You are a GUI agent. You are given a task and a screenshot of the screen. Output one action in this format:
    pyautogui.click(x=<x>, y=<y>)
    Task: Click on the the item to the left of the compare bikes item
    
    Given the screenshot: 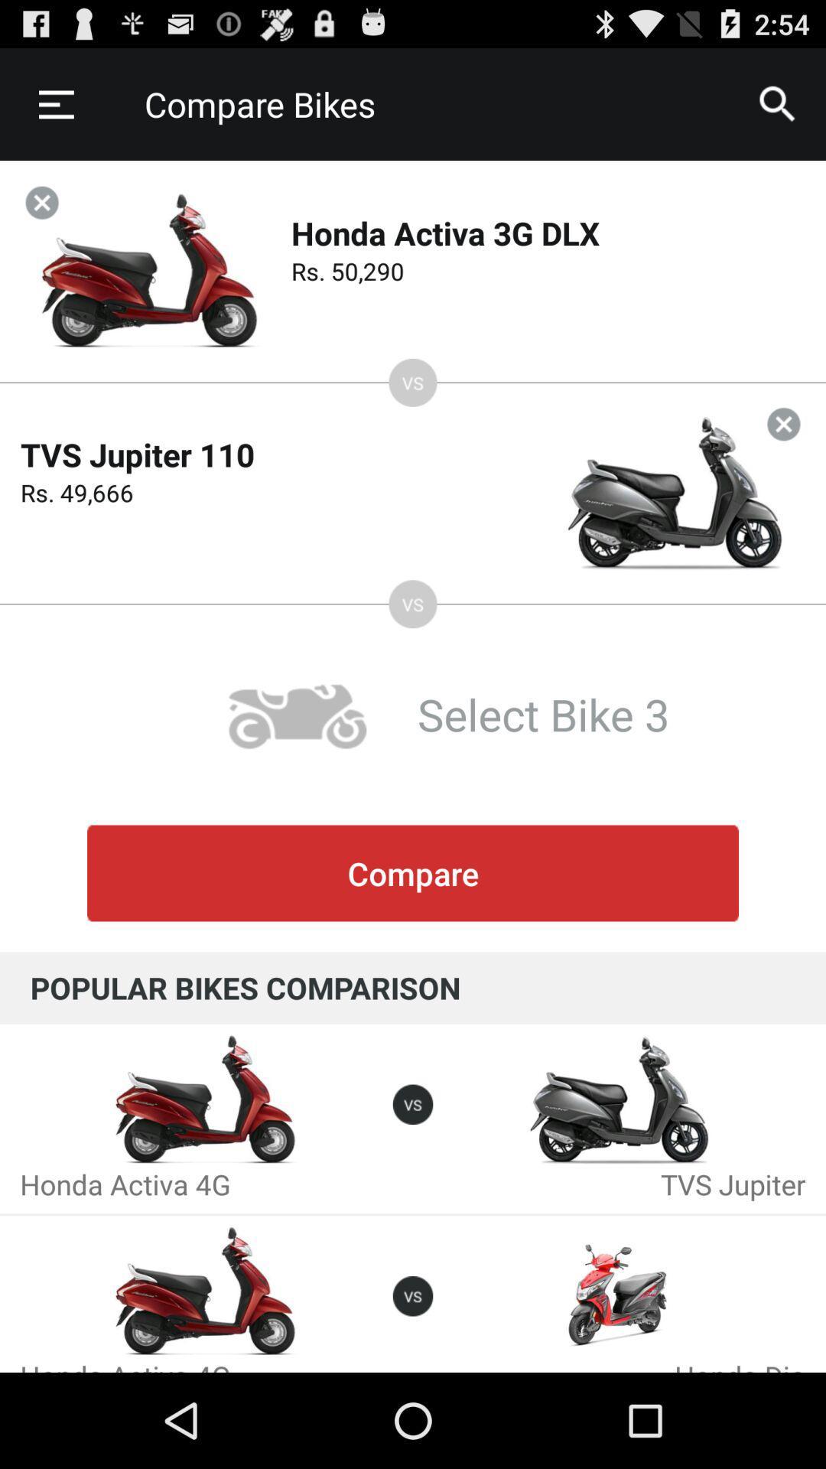 What is the action you would take?
    pyautogui.click(x=55, y=103)
    